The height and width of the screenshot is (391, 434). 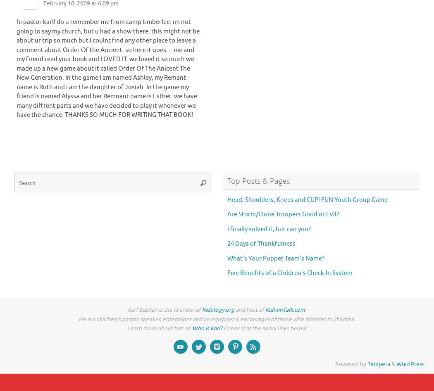 I want to click on 'Five Benefits of a Children's Check-In System', so click(x=289, y=273).